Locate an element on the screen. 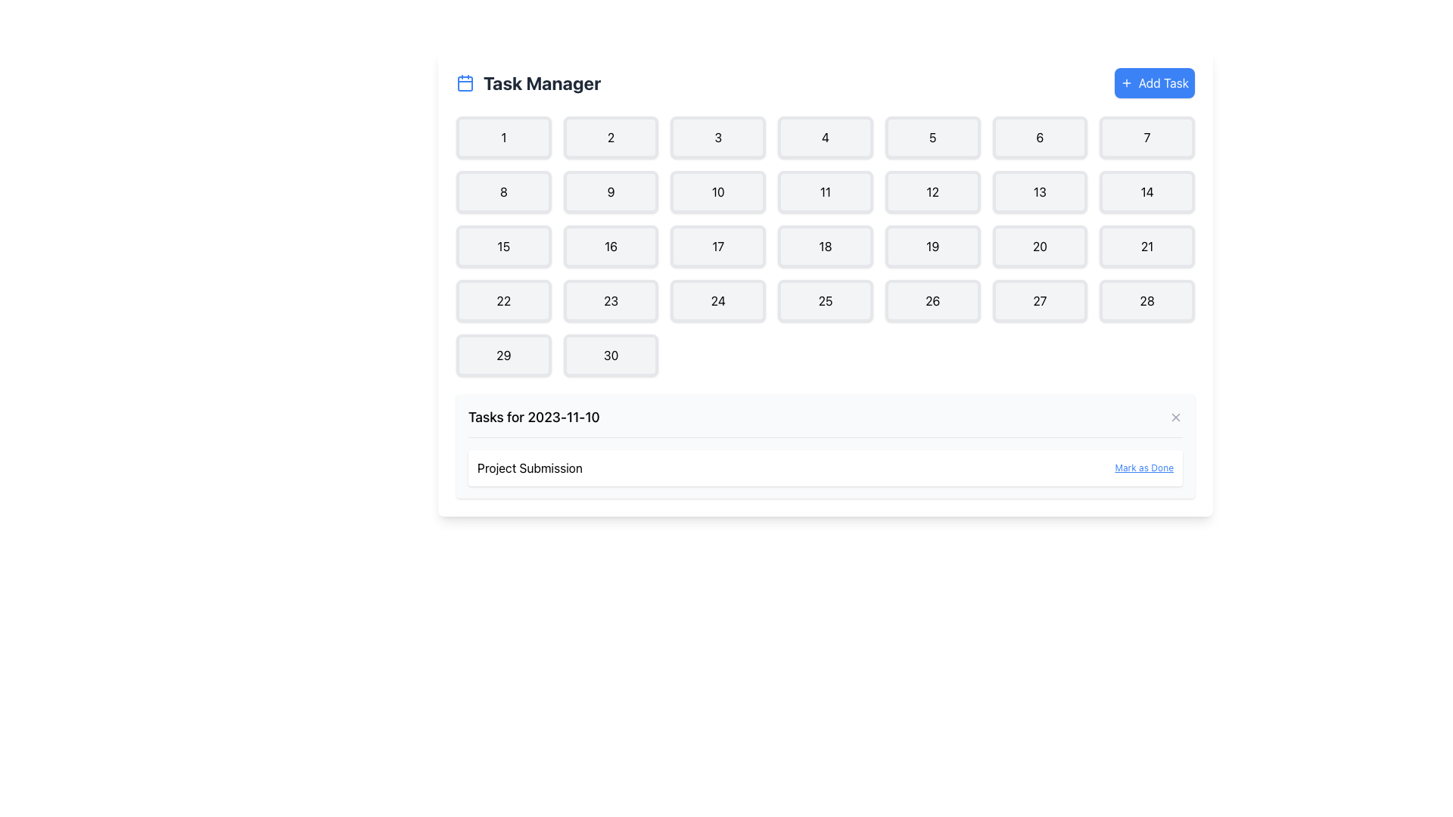  the selectable date button in the calendar interface is located at coordinates (611, 137).